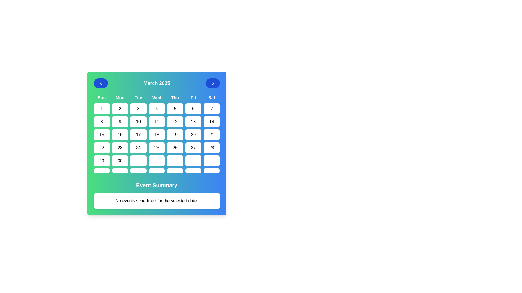 Image resolution: width=522 pixels, height=293 pixels. What do you see at coordinates (138, 109) in the screenshot?
I see `the button representing the date '3' in the calendar located in the first row, third column under 'Tue'` at bounding box center [138, 109].